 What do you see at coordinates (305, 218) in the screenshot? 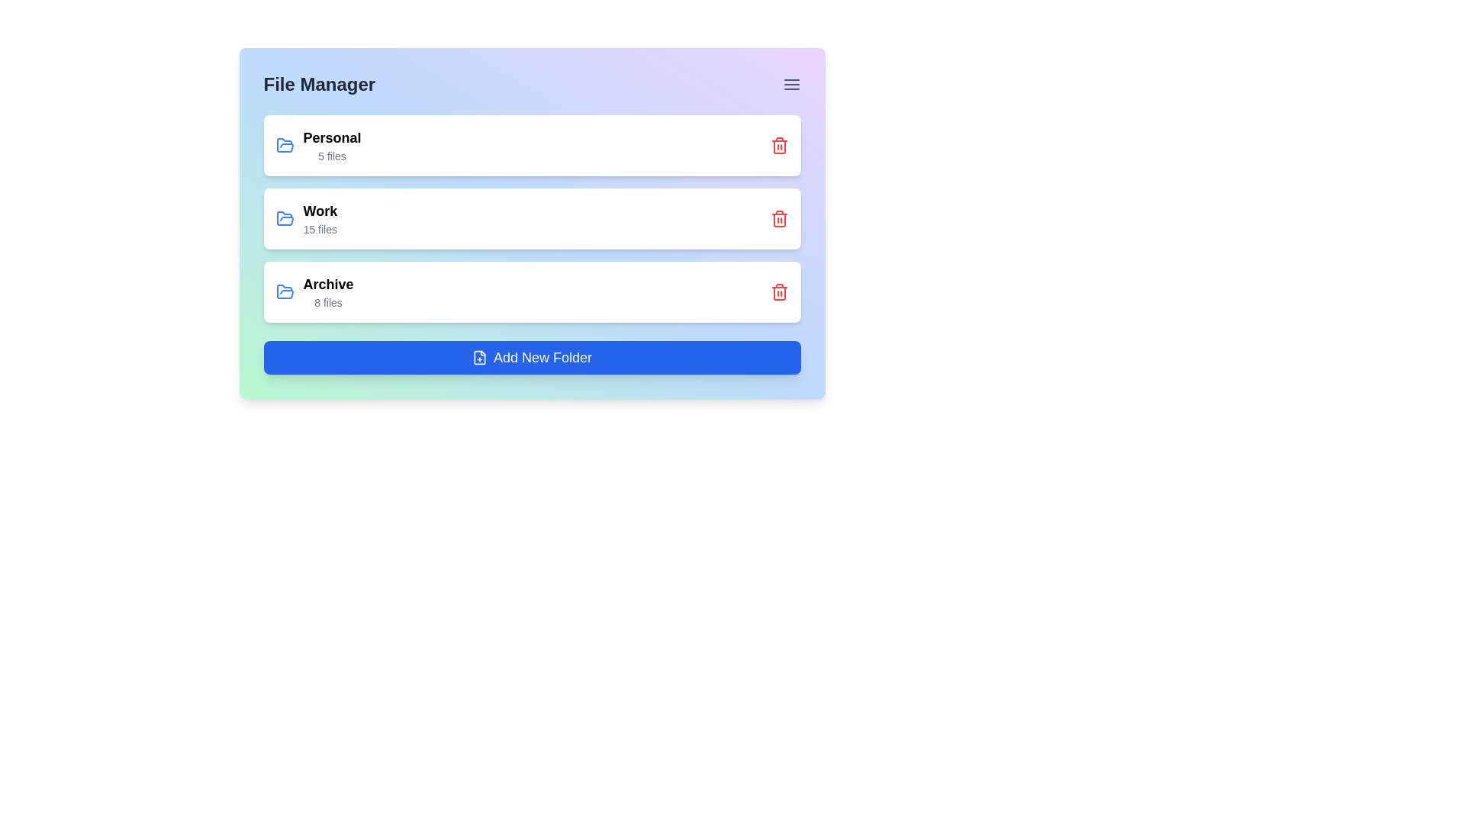
I see `the folder labeled Work to view its details` at bounding box center [305, 218].